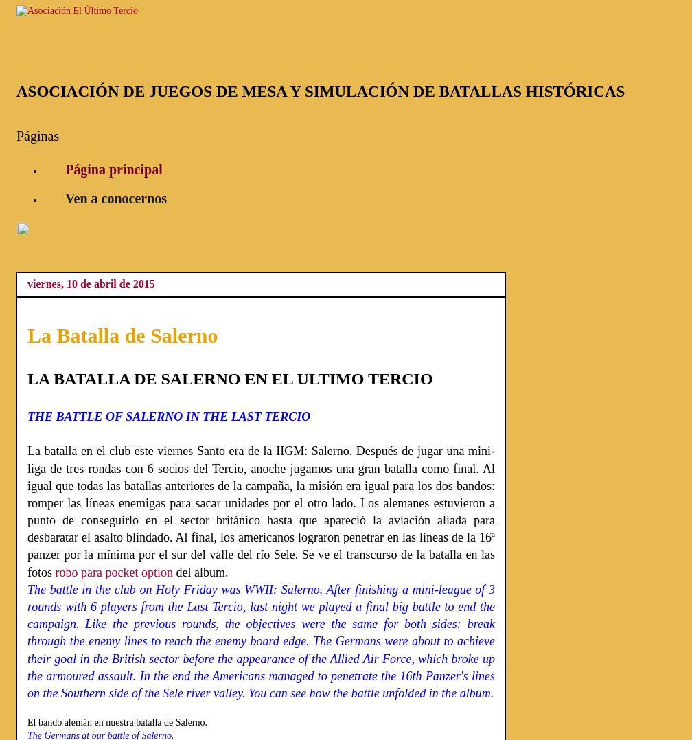 Image resolution: width=692 pixels, height=740 pixels. What do you see at coordinates (229, 378) in the screenshot?
I see `'LA BATALLA DE SALERNO EN EL ULTIMO TERCIO'` at bounding box center [229, 378].